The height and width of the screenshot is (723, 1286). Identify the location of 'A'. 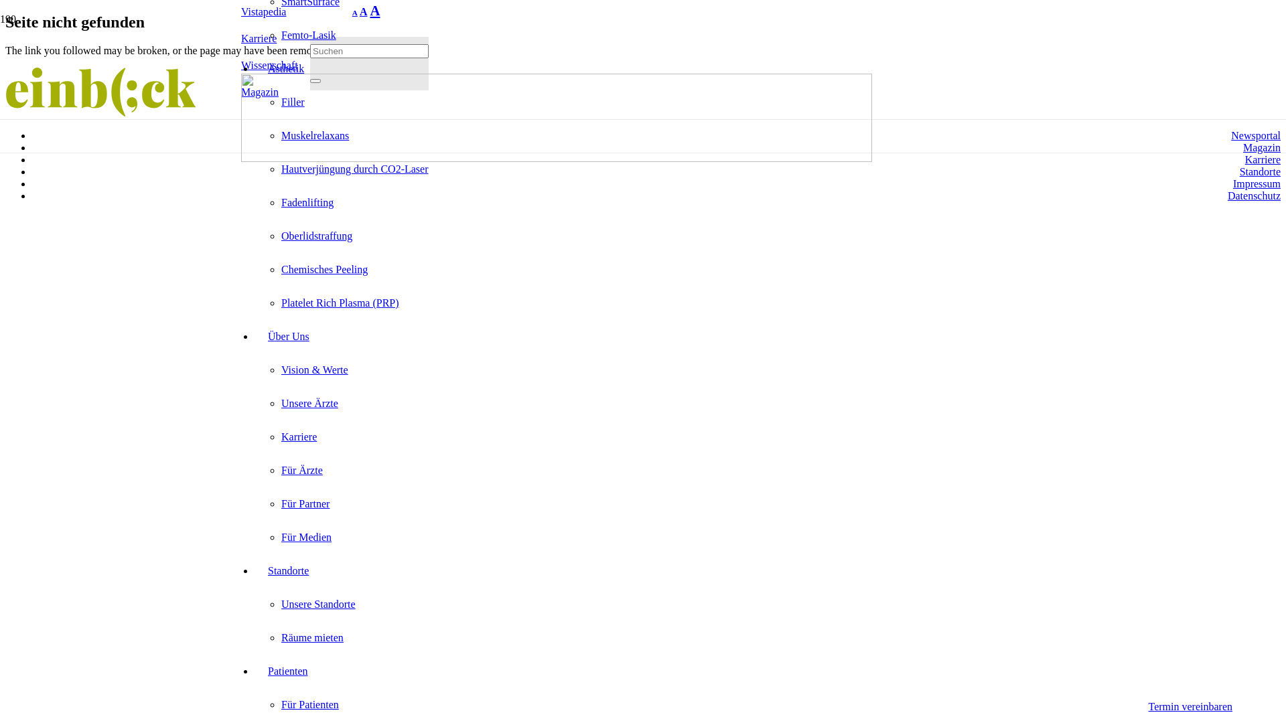
(360, 11).